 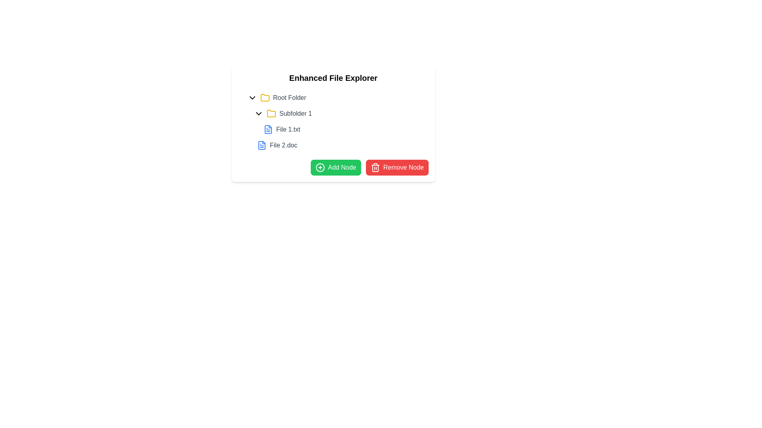 What do you see at coordinates (335, 167) in the screenshot?
I see `the 'Add Node' button located at the bottom-right corner of the 'Enhanced File Explorer' card widget to insert a new node into the list` at bounding box center [335, 167].